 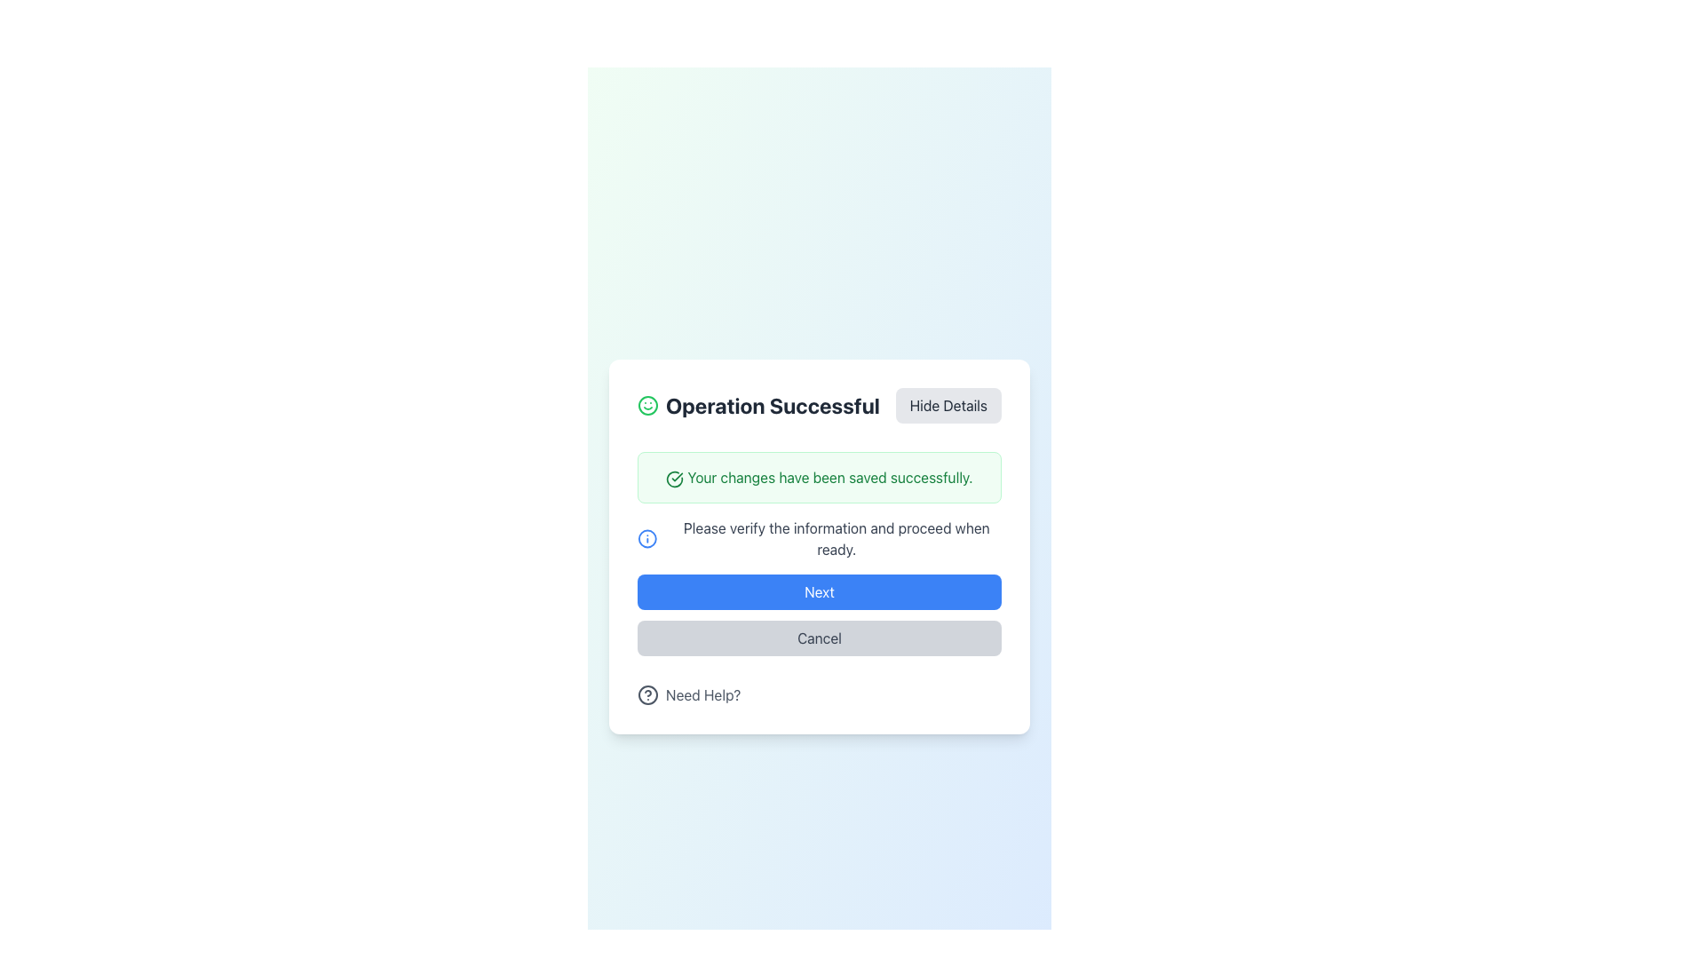 I want to click on the Notification banner which has a light green background and contains the text 'Your changes have been saved successfully.', so click(x=818, y=476).